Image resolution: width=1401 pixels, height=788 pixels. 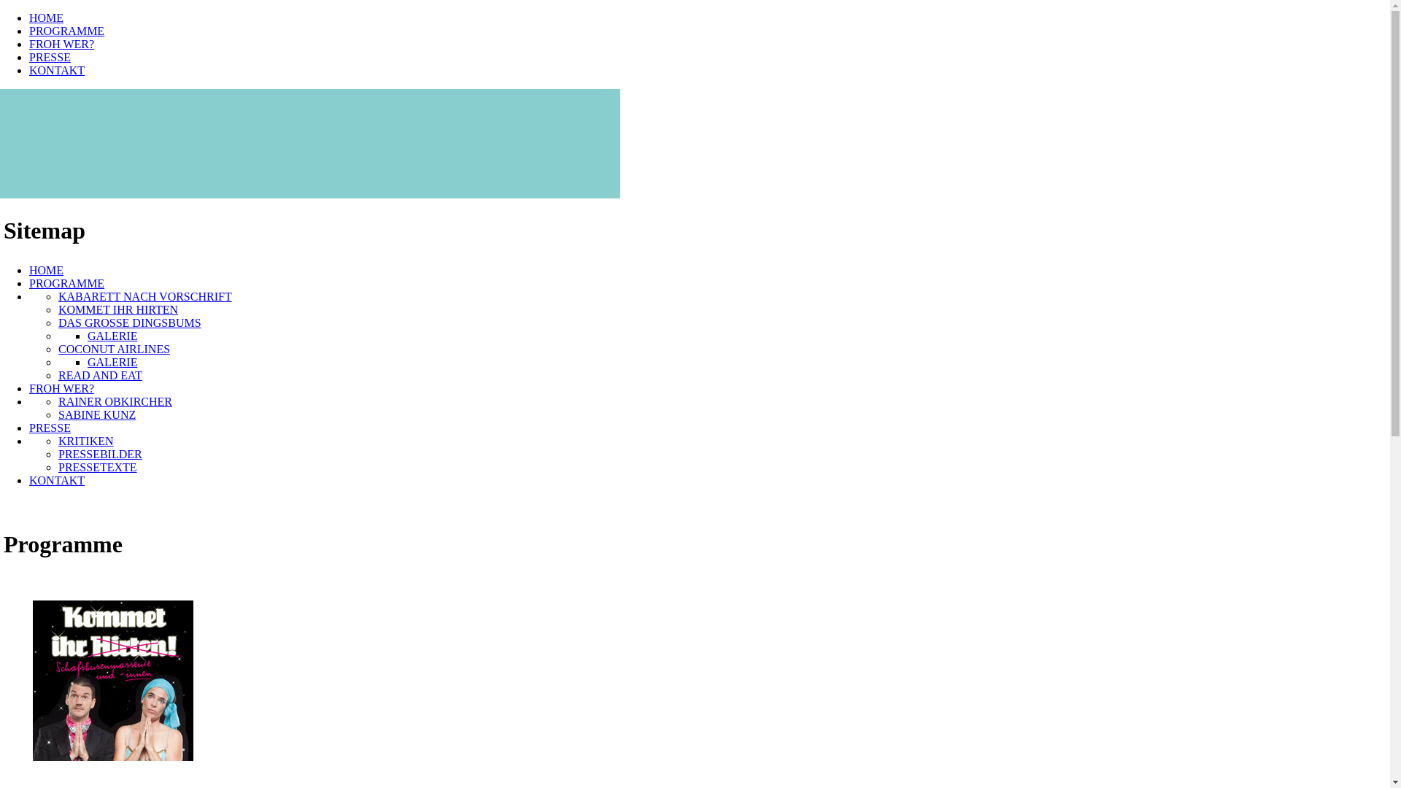 I want to click on 'KRITIKEN', so click(x=85, y=440).